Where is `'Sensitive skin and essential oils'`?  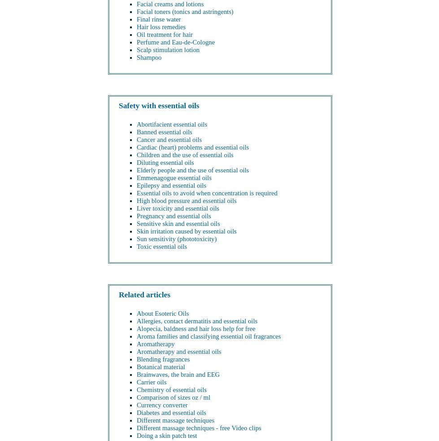
'Sensitive skin and essential oils' is located at coordinates (136, 223).